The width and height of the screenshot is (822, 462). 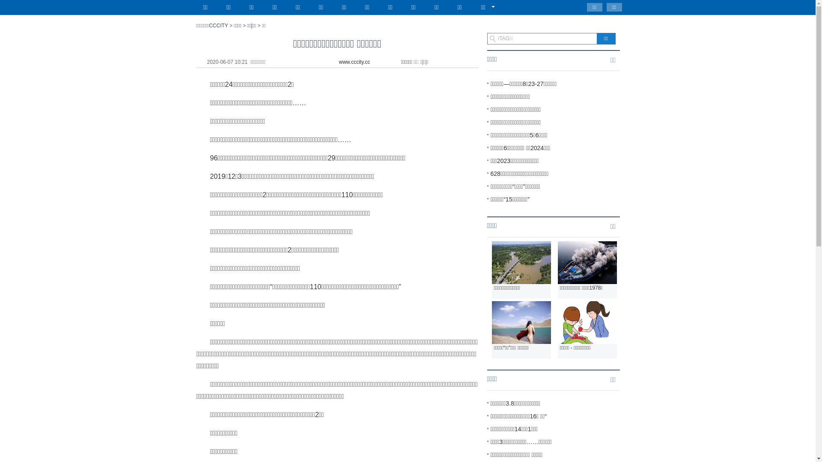 I want to click on 'CCCITY', so click(x=218, y=25).